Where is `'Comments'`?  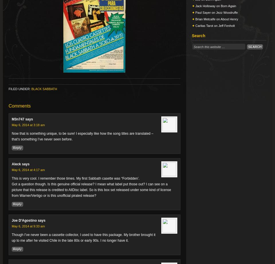
'Comments' is located at coordinates (8, 106).